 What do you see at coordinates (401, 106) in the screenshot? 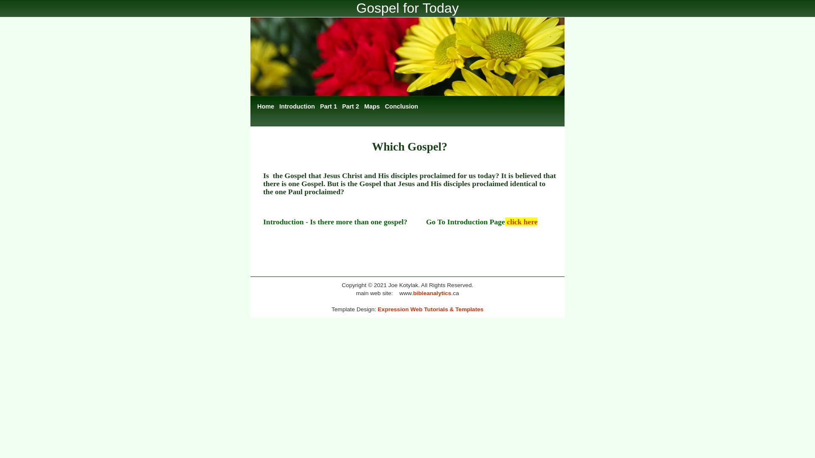
I see `'Conclusion'` at bounding box center [401, 106].